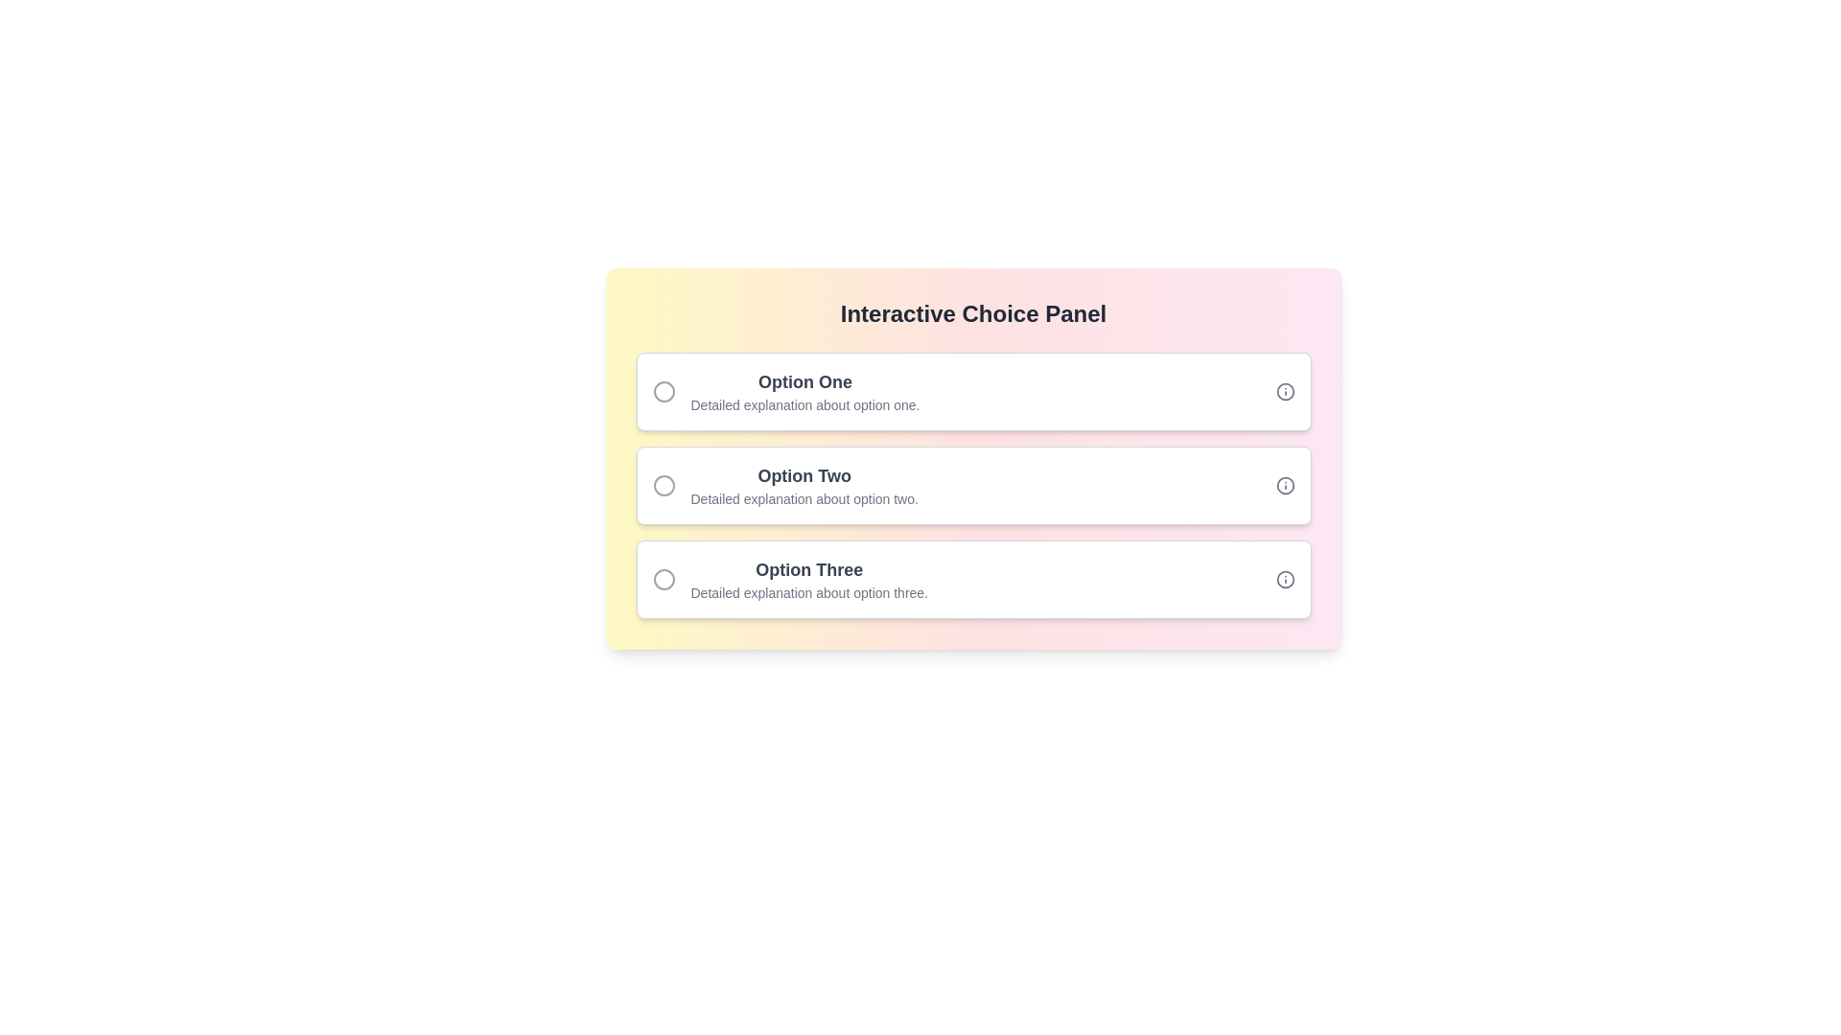 This screenshot has width=1841, height=1035. What do you see at coordinates (805, 404) in the screenshot?
I see `the text element that reads 'Detailed explanation about option one.' which is styled in small-sized gray font and located below the title text 'Option One' within the first card of a list of three cards` at bounding box center [805, 404].